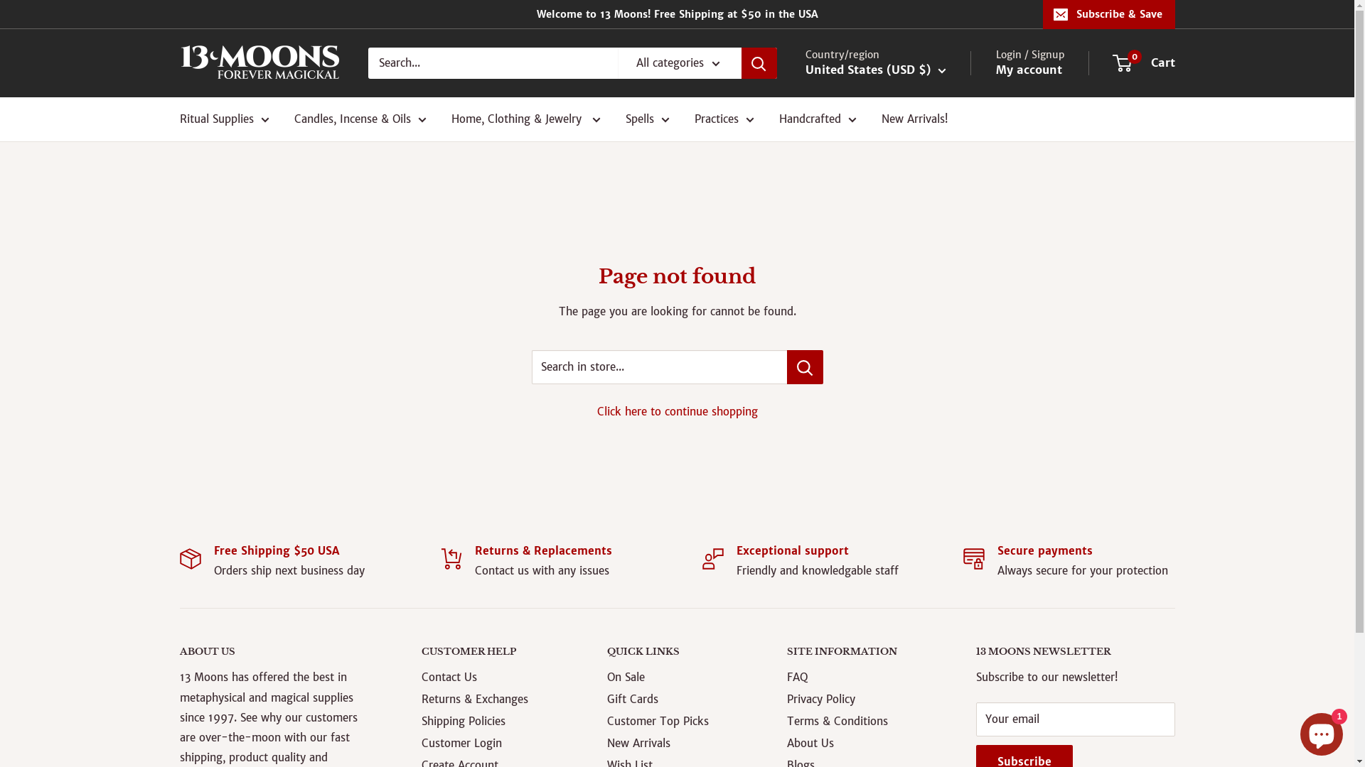  What do you see at coordinates (223, 119) in the screenshot?
I see `'Ritual Supplies'` at bounding box center [223, 119].